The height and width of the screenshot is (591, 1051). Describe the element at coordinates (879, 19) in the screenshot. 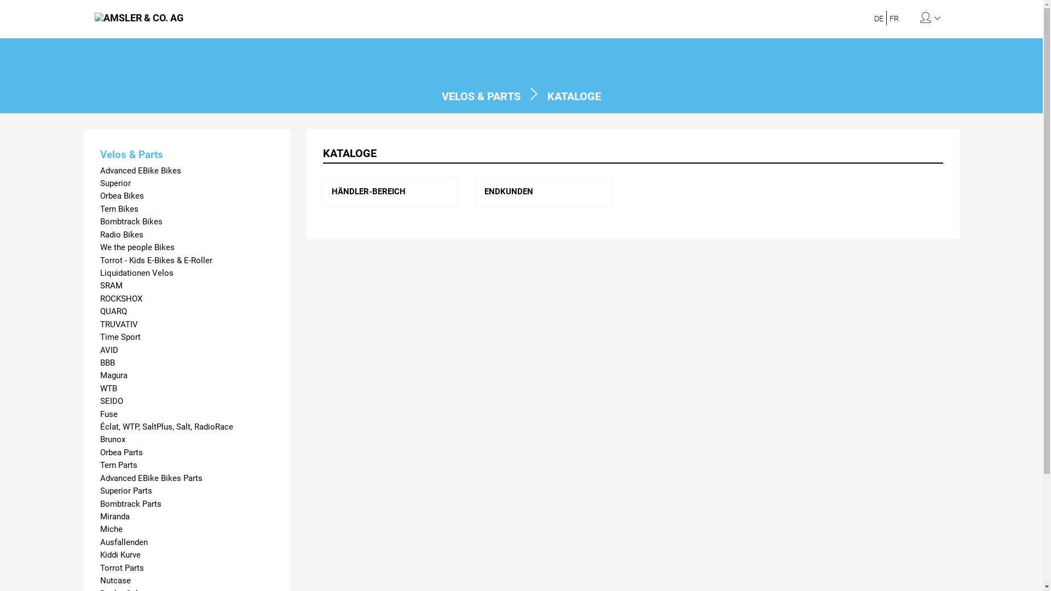

I see `'DE'` at that location.